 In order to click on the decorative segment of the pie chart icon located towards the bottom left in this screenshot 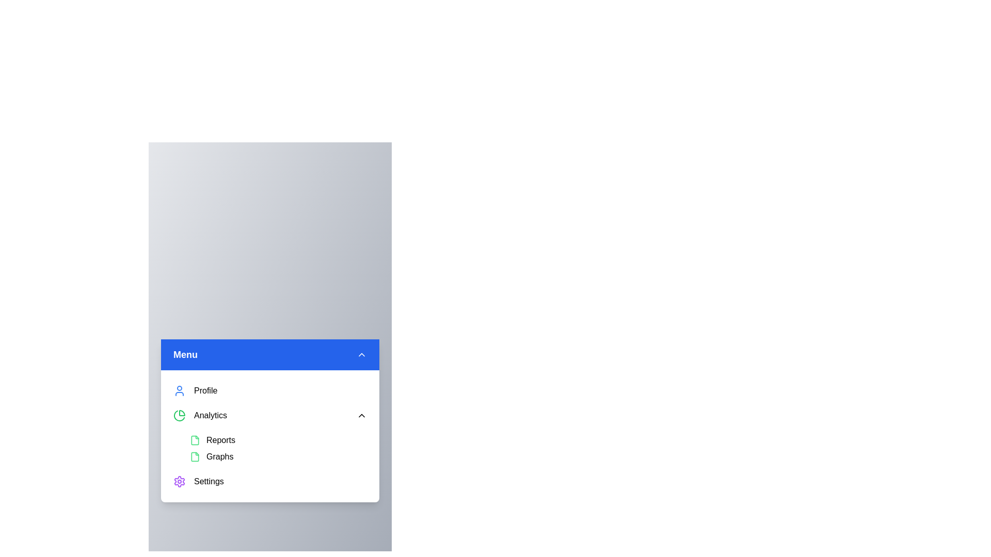, I will do `click(179, 415)`.